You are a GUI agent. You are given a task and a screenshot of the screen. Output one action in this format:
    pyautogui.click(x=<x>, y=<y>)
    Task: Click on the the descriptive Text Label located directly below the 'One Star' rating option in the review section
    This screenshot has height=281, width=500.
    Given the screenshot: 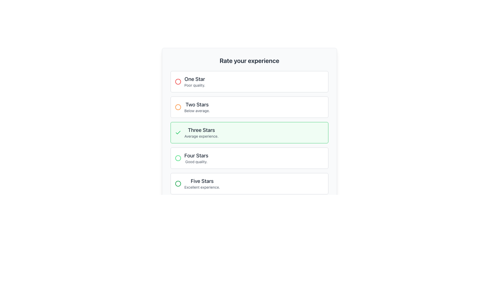 What is the action you would take?
    pyautogui.click(x=194, y=85)
    